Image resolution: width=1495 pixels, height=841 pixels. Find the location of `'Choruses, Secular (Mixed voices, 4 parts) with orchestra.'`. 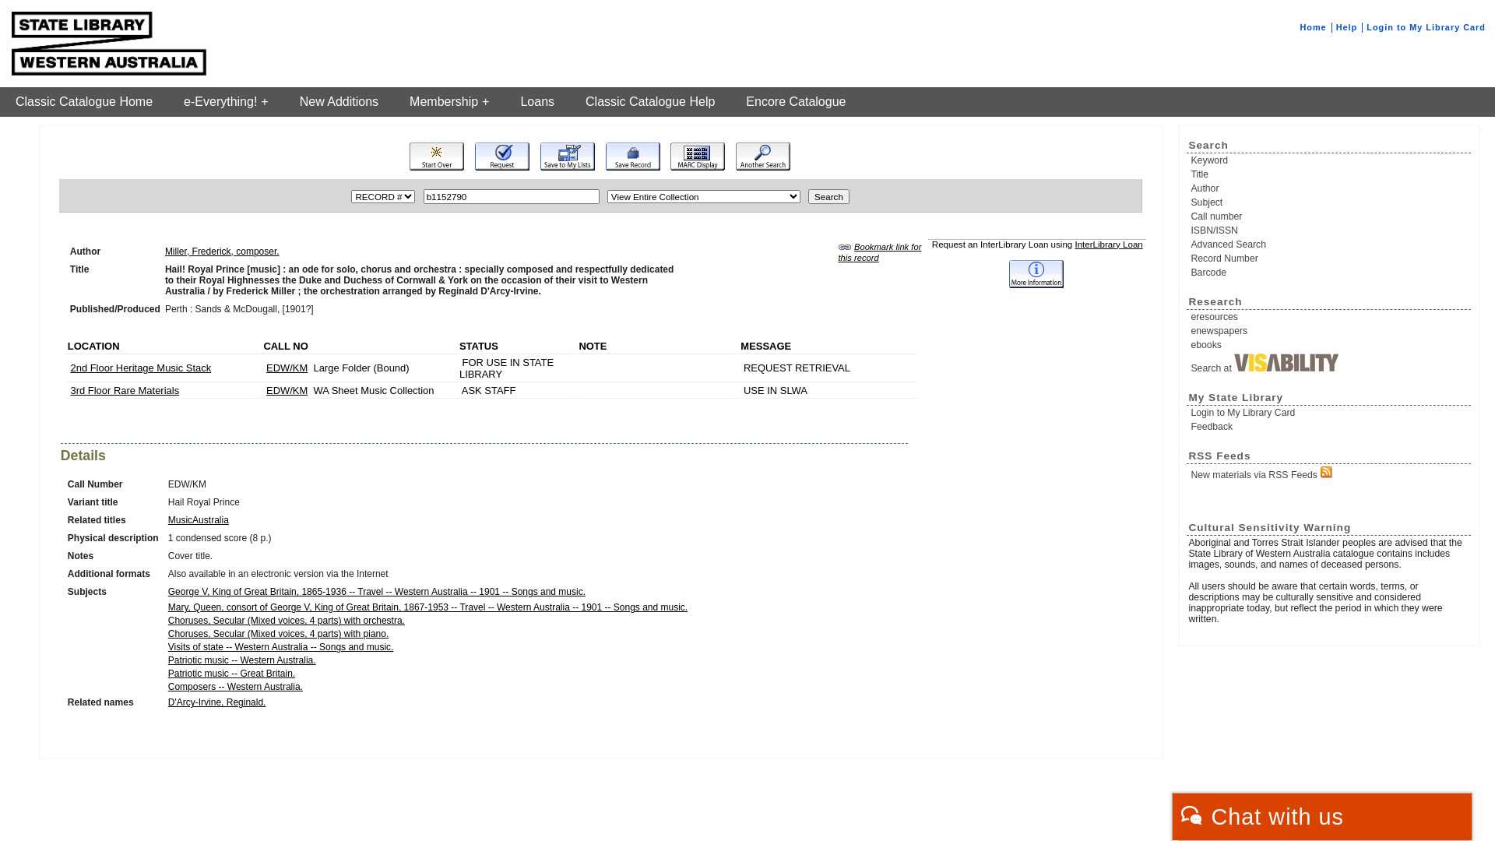

'Choruses, Secular (Mixed voices, 4 parts) with orchestra.' is located at coordinates (287, 620).